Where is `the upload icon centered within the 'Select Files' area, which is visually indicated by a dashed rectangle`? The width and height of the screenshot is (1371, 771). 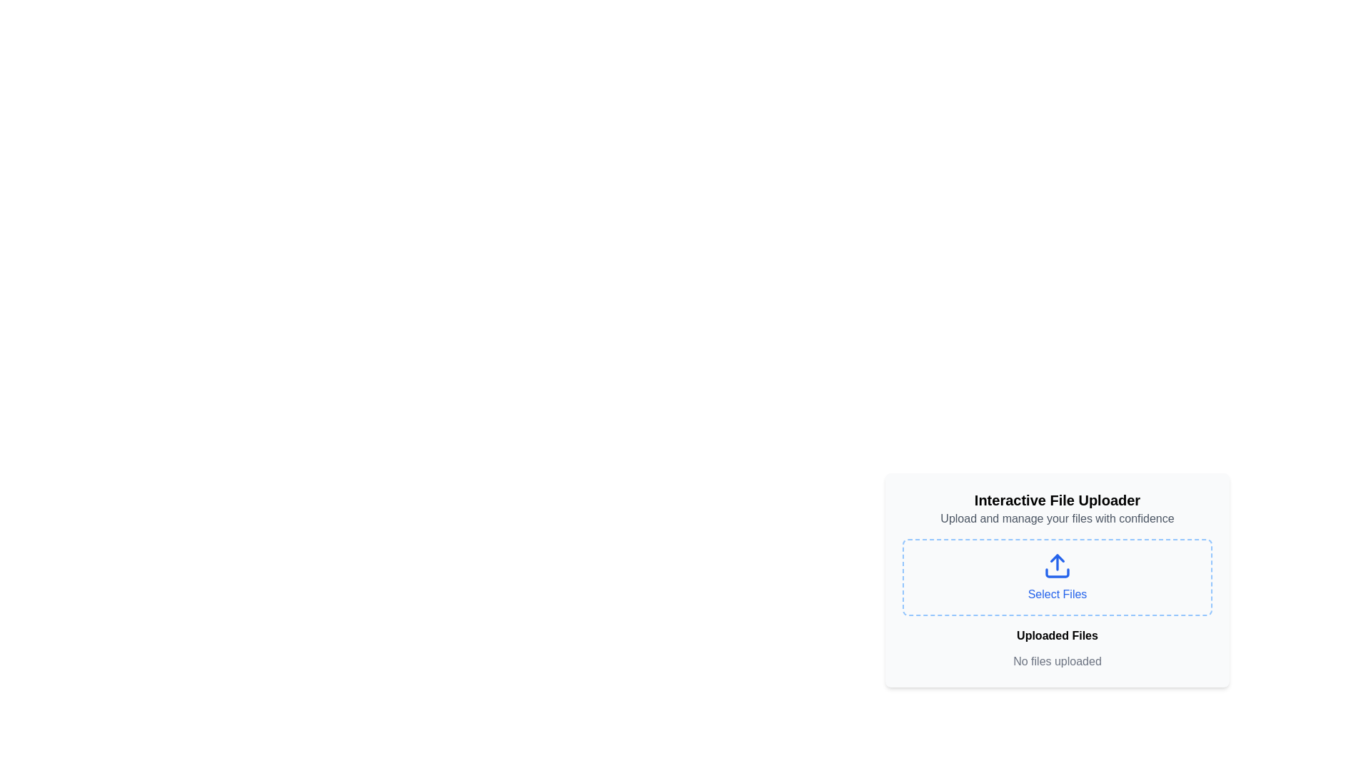 the upload icon centered within the 'Select Files' area, which is visually indicated by a dashed rectangle is located at coordinates (1058, 565).